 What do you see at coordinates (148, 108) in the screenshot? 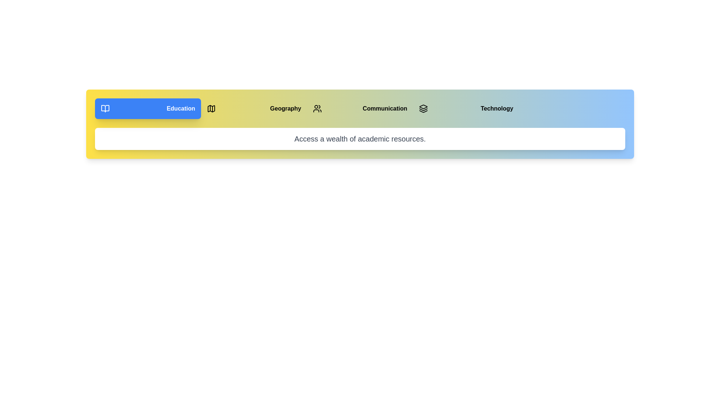
I see `the button corresponding to the Education section to switch to it` at bounding box center [148, 108].